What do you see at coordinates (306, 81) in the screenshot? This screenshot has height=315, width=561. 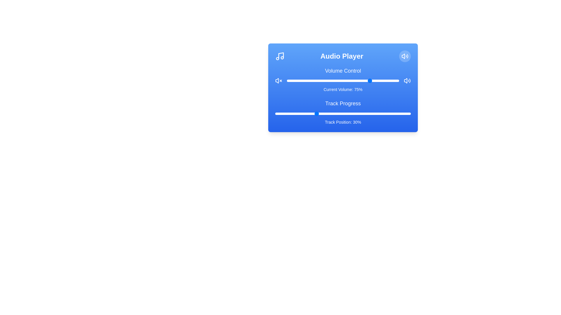 I see `volume` at bounding box center [306, 81].